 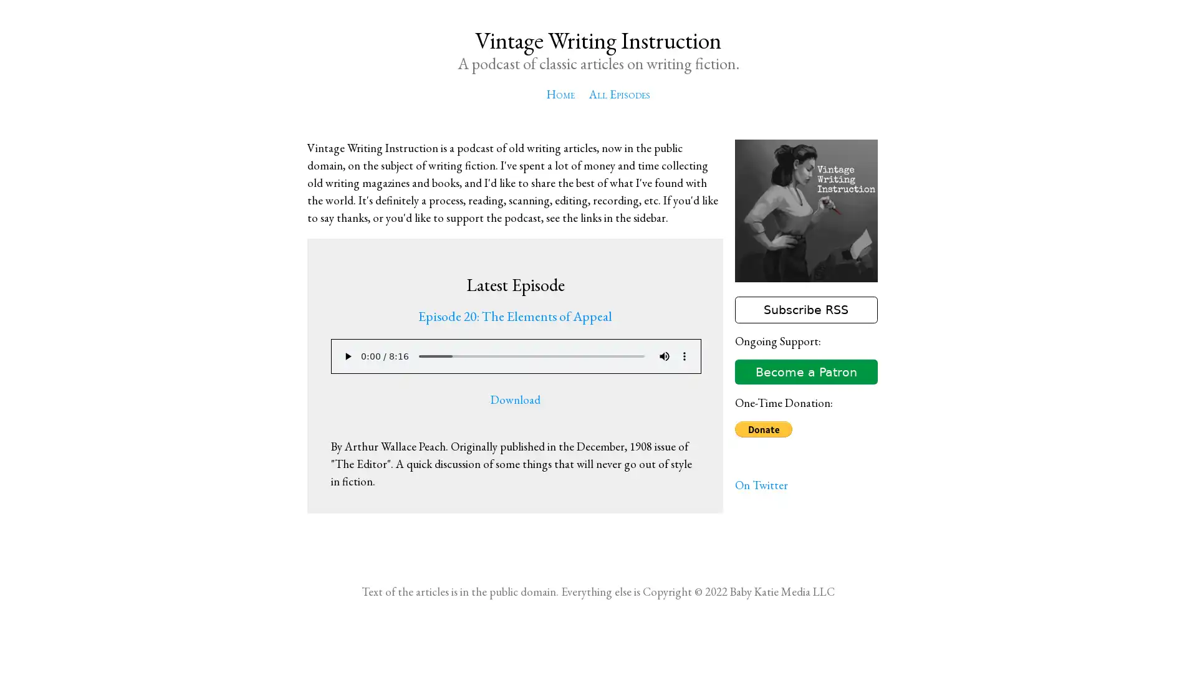 What do you see at coordinates (347, 356) in the screenshot?
I see `play` at bounding box center [347, 356].